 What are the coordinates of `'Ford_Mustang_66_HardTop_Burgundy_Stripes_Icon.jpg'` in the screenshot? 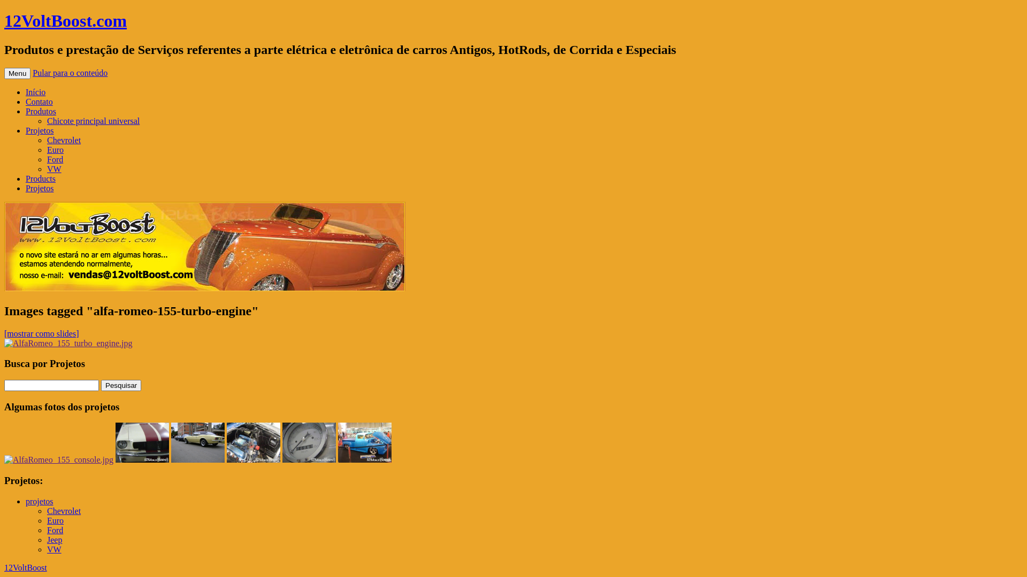 It's located at (141, 442).